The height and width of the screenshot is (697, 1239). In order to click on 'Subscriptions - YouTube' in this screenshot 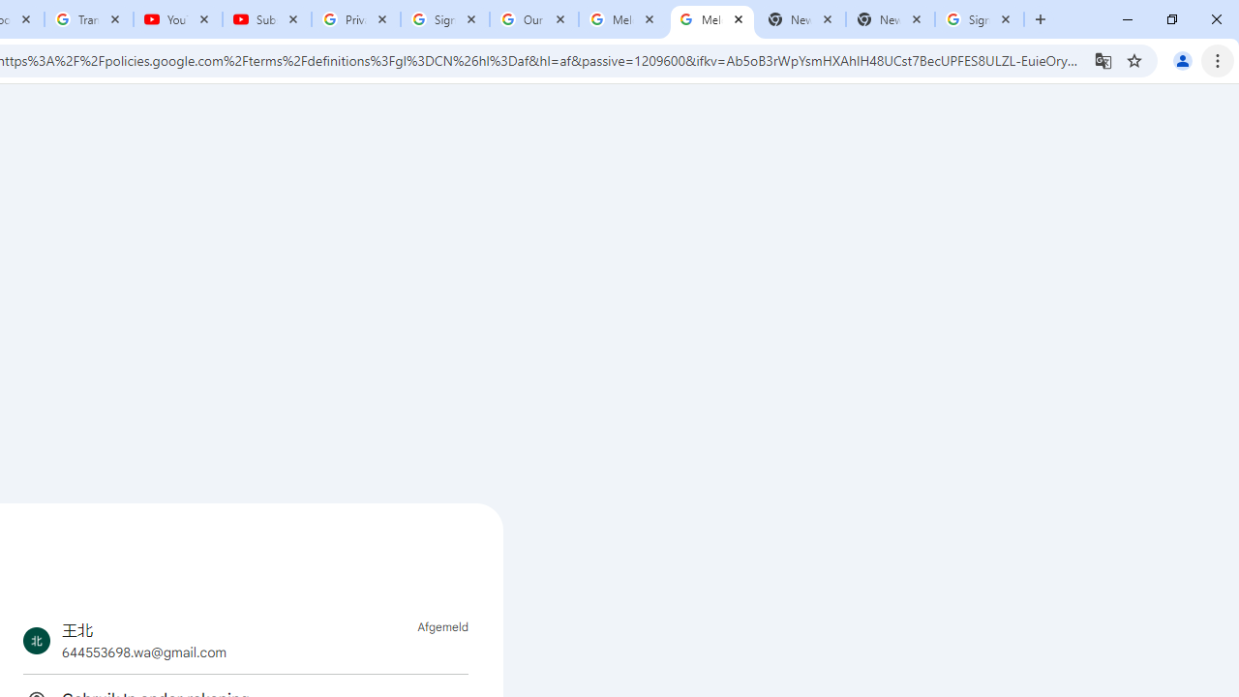, I will do `click(266, 19)`.